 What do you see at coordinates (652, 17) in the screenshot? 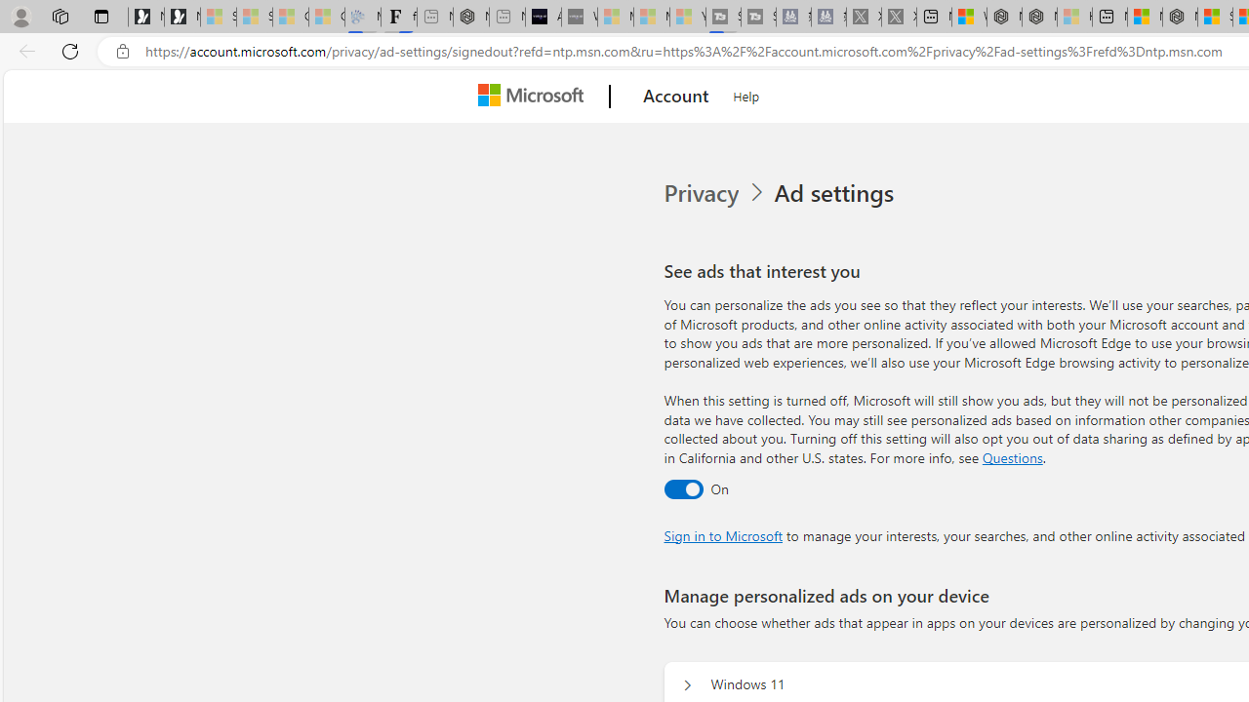
I see `'Microsoft Start - Sleeping'` at bounding box center [652, 17].